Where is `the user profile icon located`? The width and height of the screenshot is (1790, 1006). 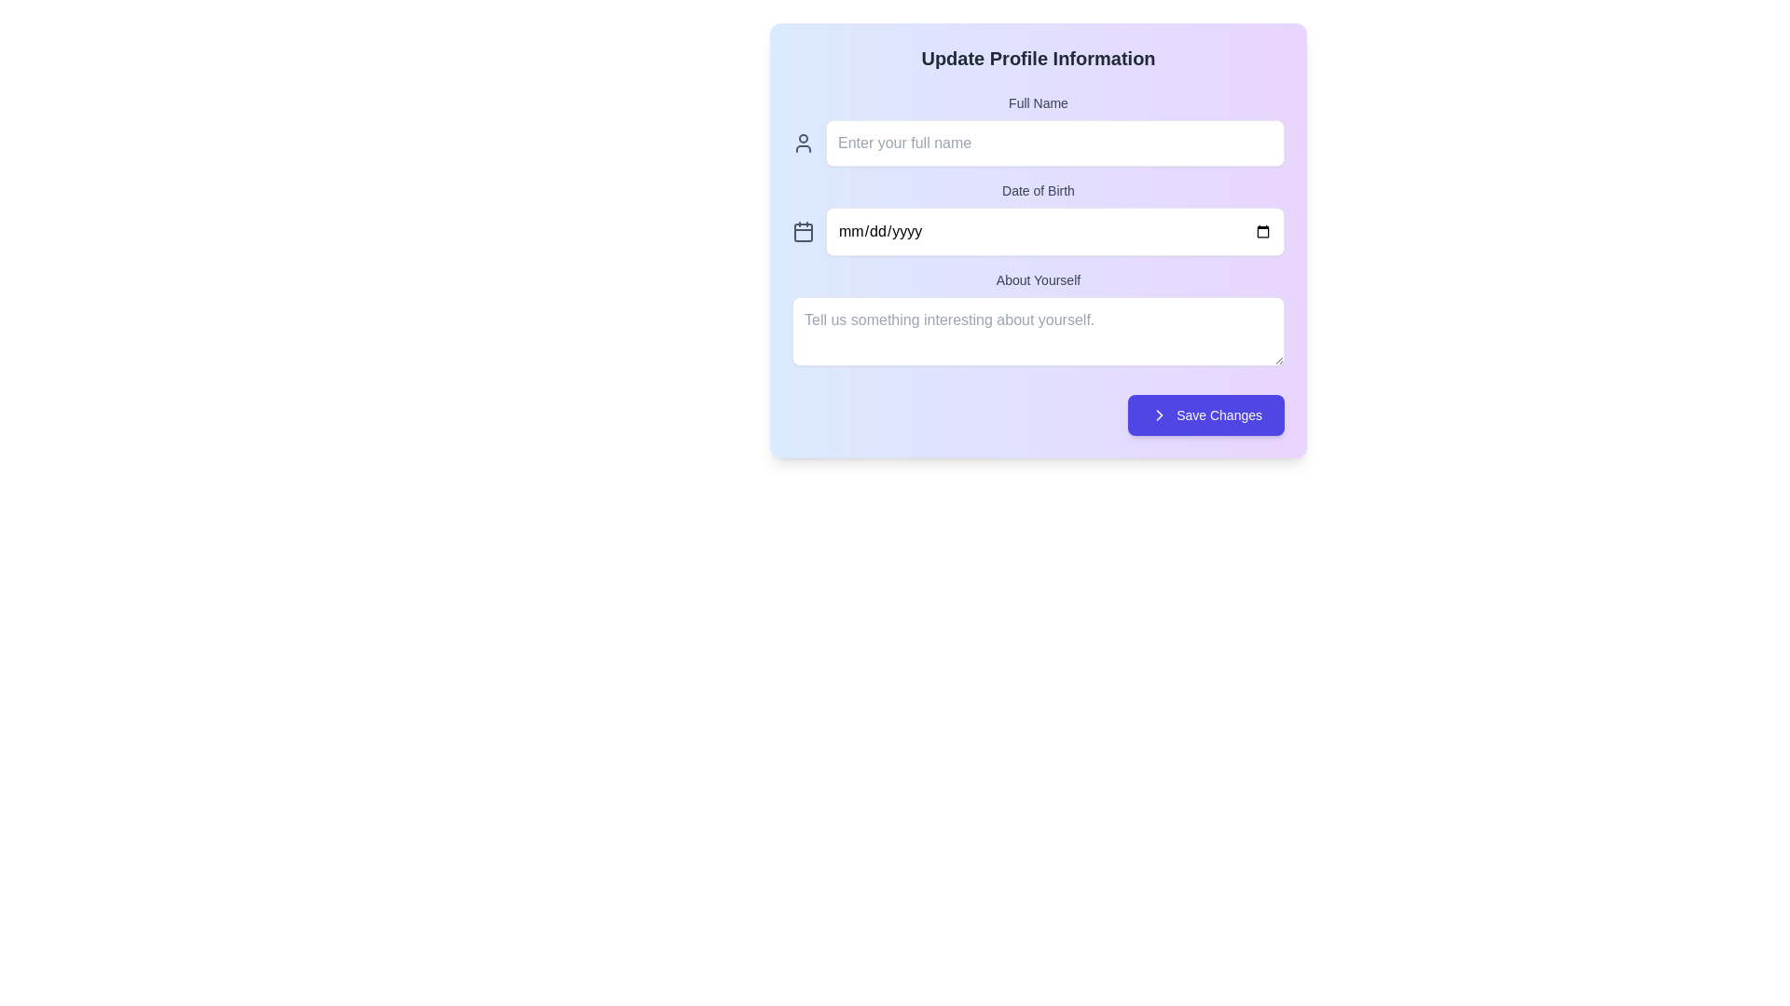
the user profile icon located is located at coordinates (804, 143).